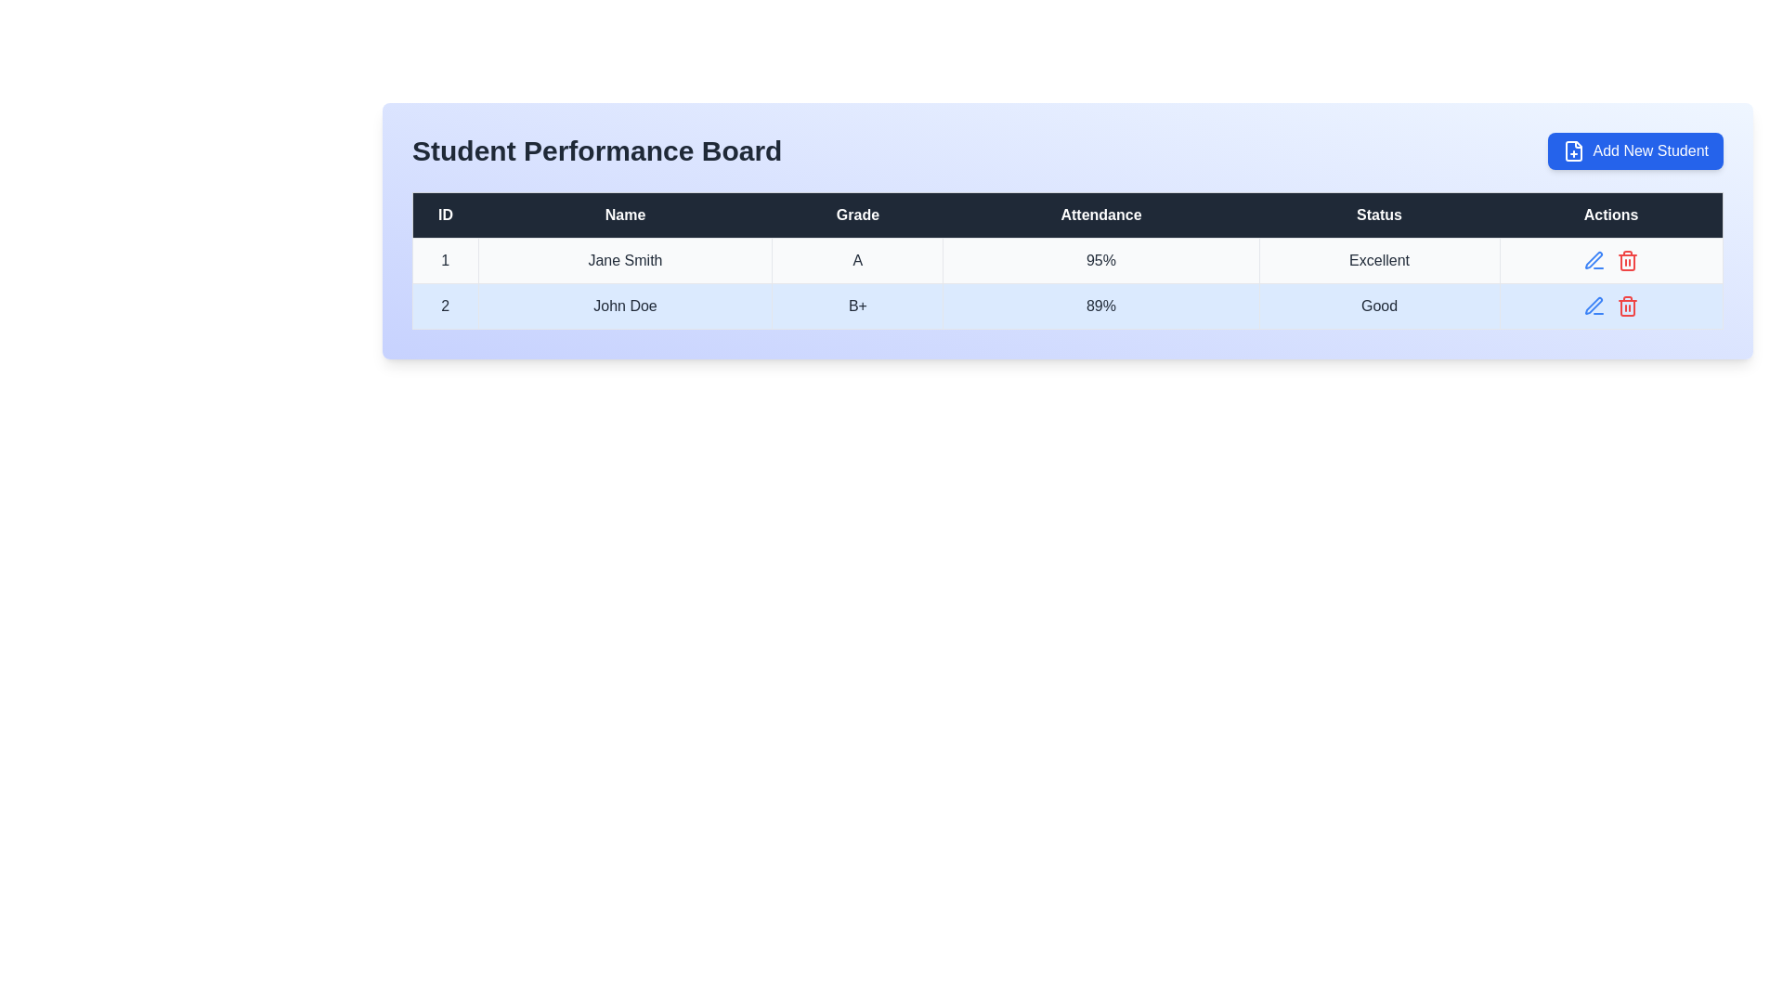  I want to click on the bold 'A' in the 'Grade' column for student Jane Smith, located in the third cell of the row, so click(856, 261).